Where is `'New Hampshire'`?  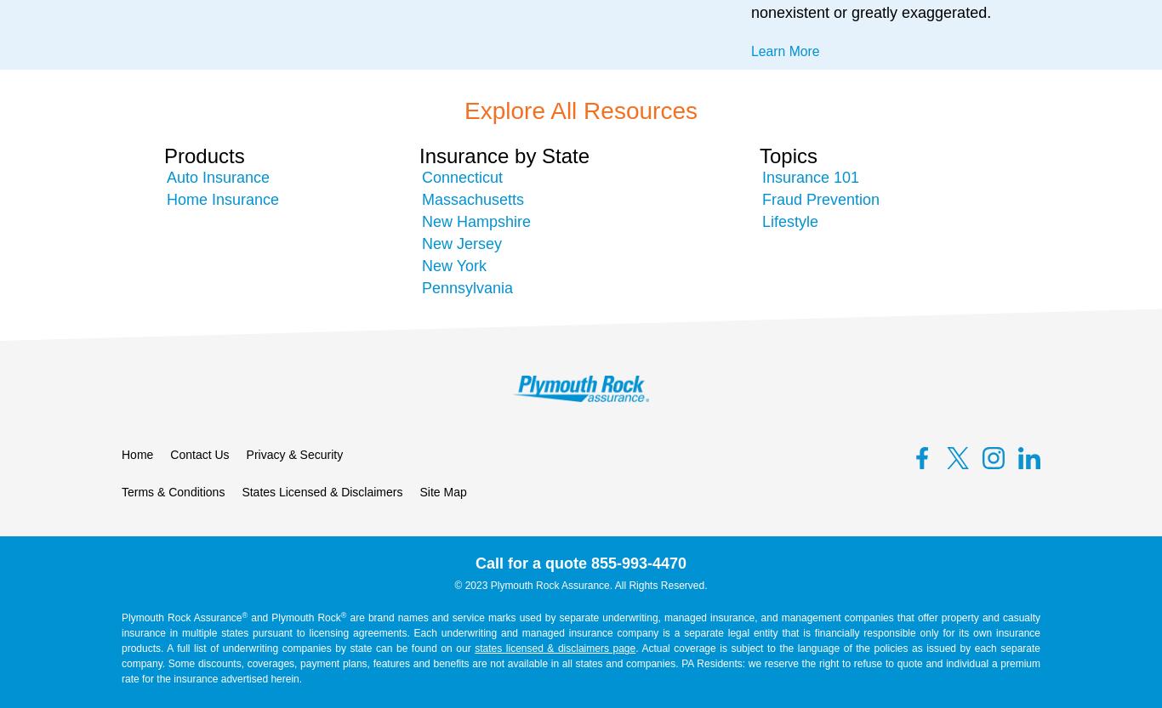 'New Hampshire' is located at coordinates (476, 221).